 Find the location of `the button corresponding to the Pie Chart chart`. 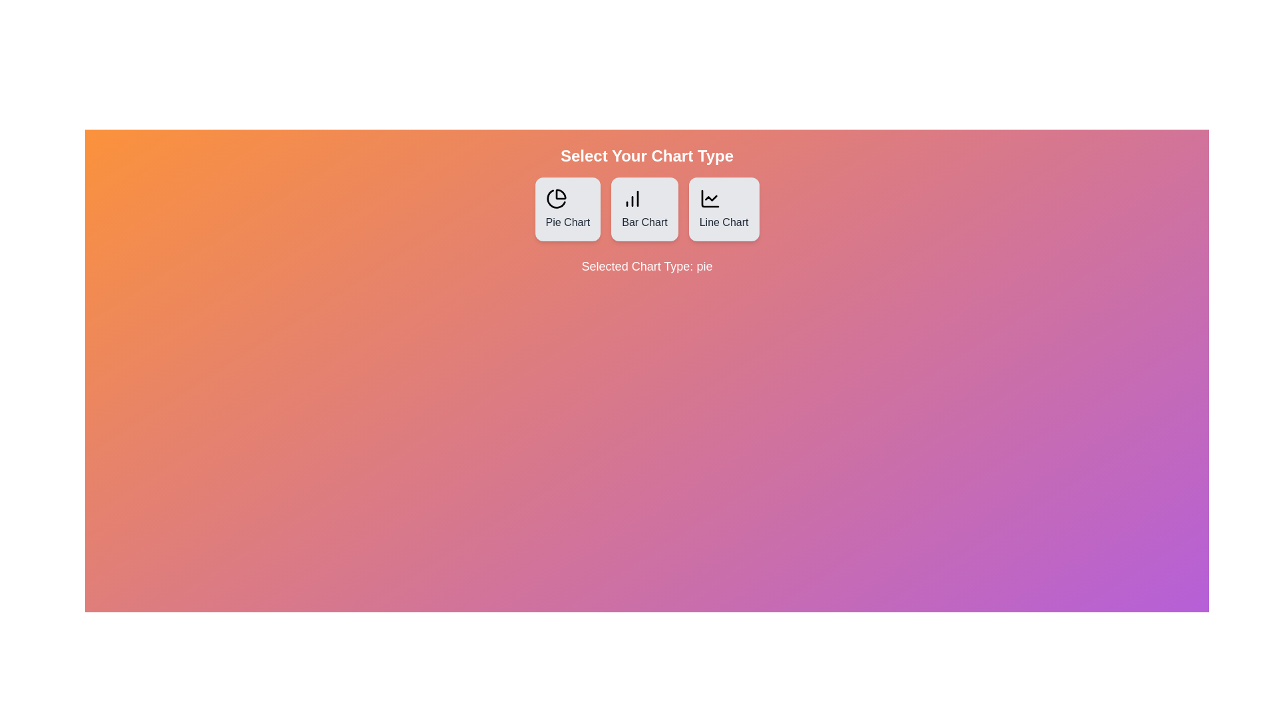

the button corresponding to the Pie Chart chart is located at coordinates (567, 209).